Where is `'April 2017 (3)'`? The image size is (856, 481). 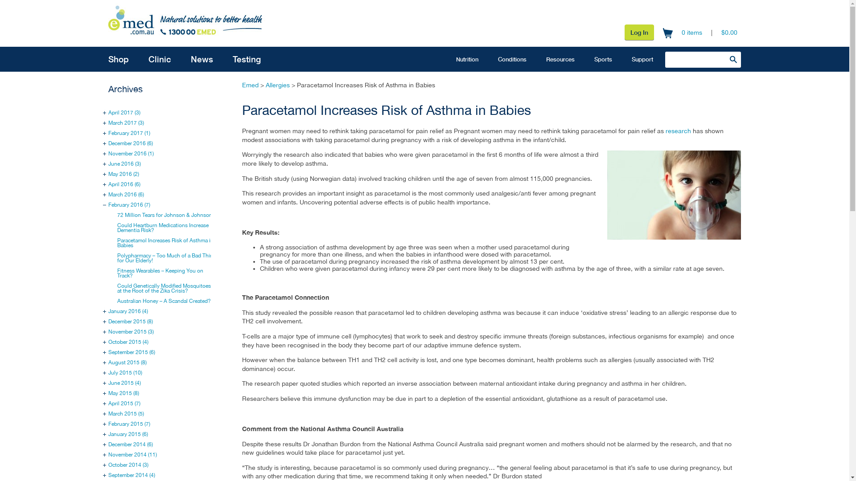
'April 2017 (3)' is located at coordinates (123, 112).